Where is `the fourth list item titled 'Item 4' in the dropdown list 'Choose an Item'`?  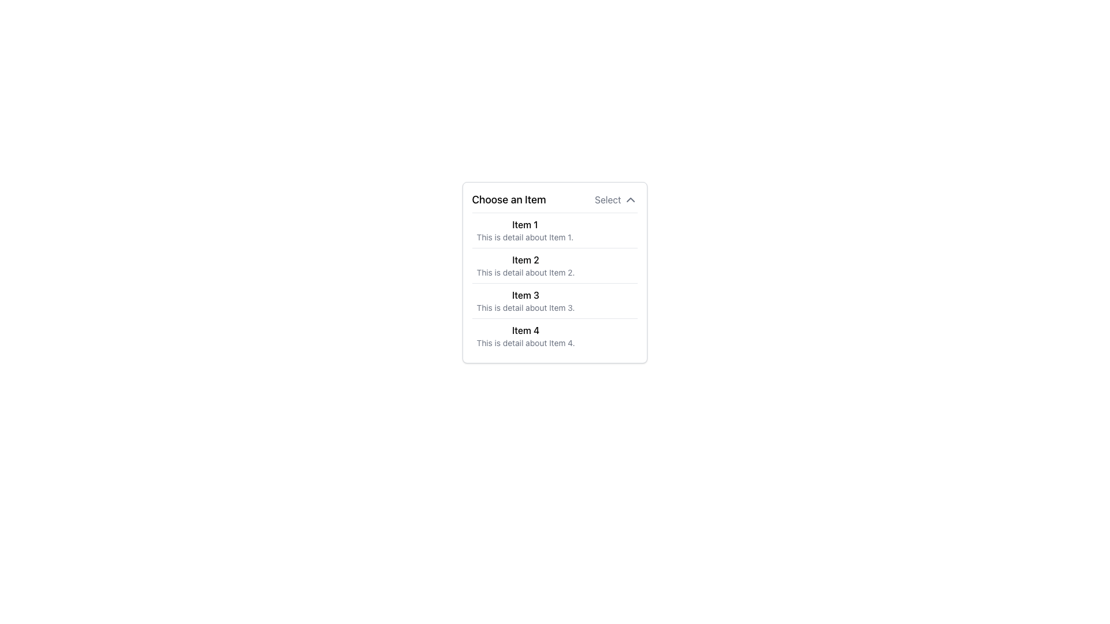 the fourth list item titled 'Item 4' in the dropdown list 'Choose an Item' is located at coordinates (554, 336).